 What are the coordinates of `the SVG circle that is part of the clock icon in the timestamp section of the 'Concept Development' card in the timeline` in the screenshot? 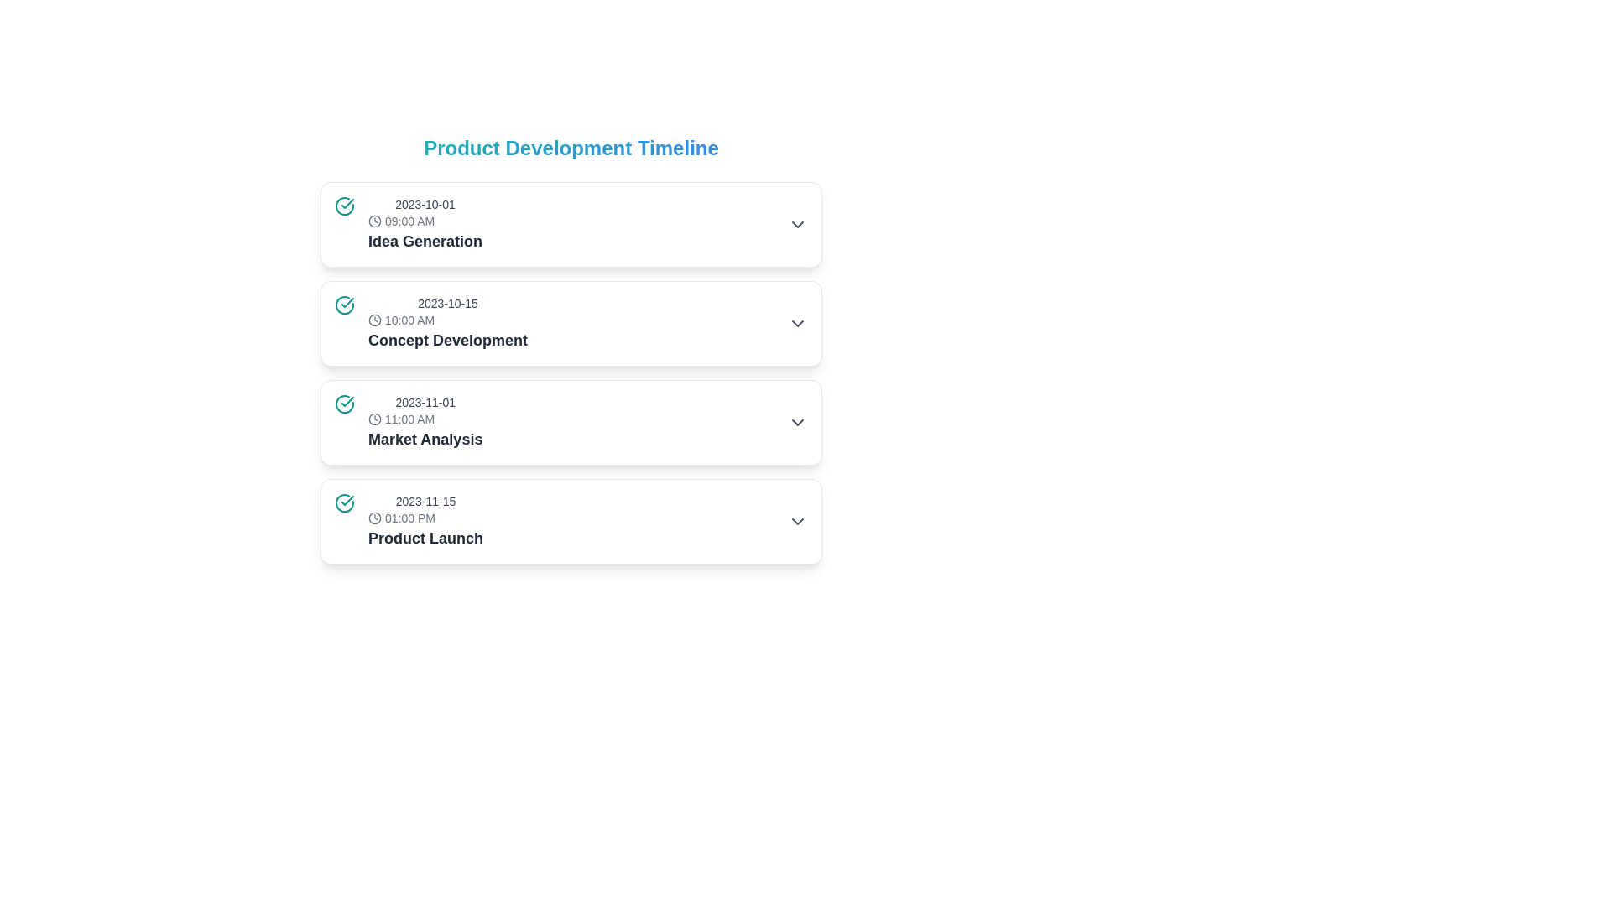 It's located at (373, 320).